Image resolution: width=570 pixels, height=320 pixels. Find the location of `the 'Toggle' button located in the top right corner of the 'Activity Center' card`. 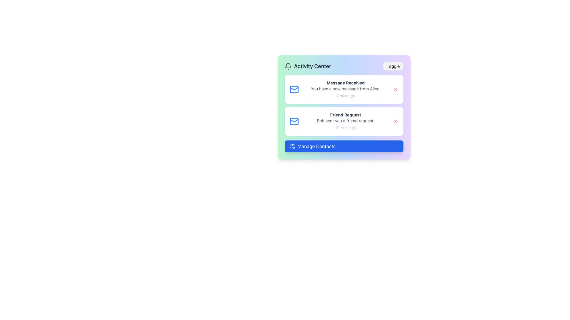

the 'Toggle' button located in the top right corner of the 'Activity Center' card is located at coordinates (393, 66).